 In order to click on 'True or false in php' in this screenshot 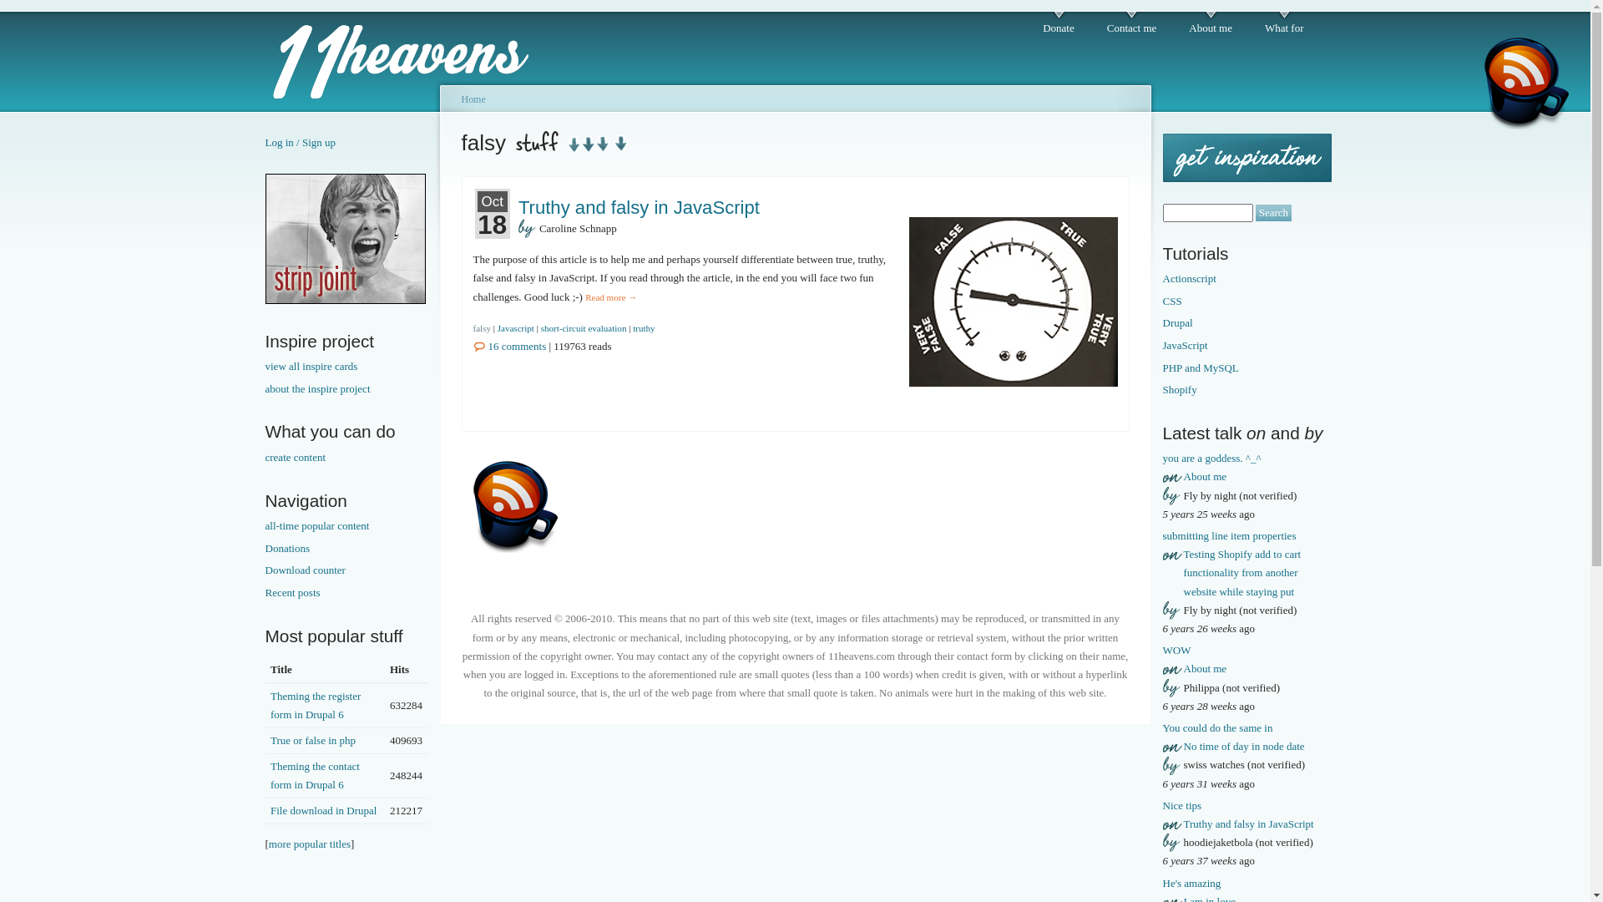, I will do `click(271, 739)`.